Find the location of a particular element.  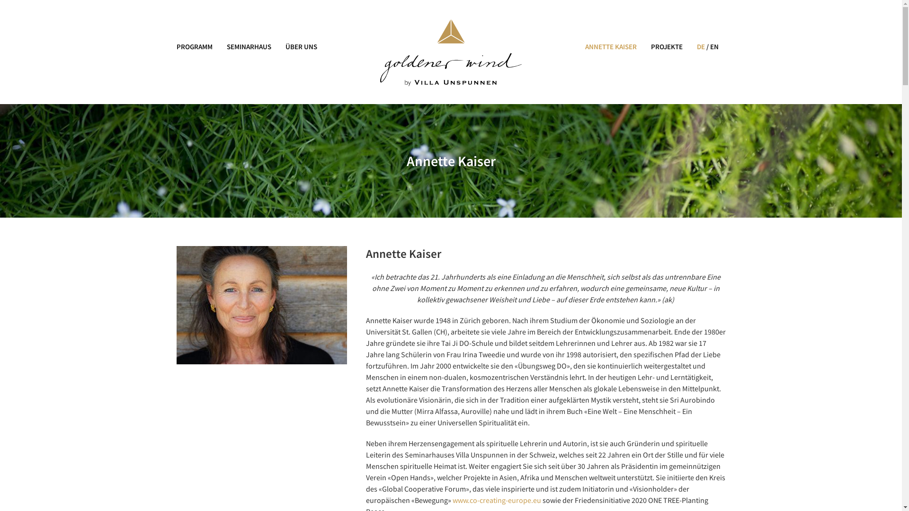

'PROJEKTE' is located at coordinates (666, 47).